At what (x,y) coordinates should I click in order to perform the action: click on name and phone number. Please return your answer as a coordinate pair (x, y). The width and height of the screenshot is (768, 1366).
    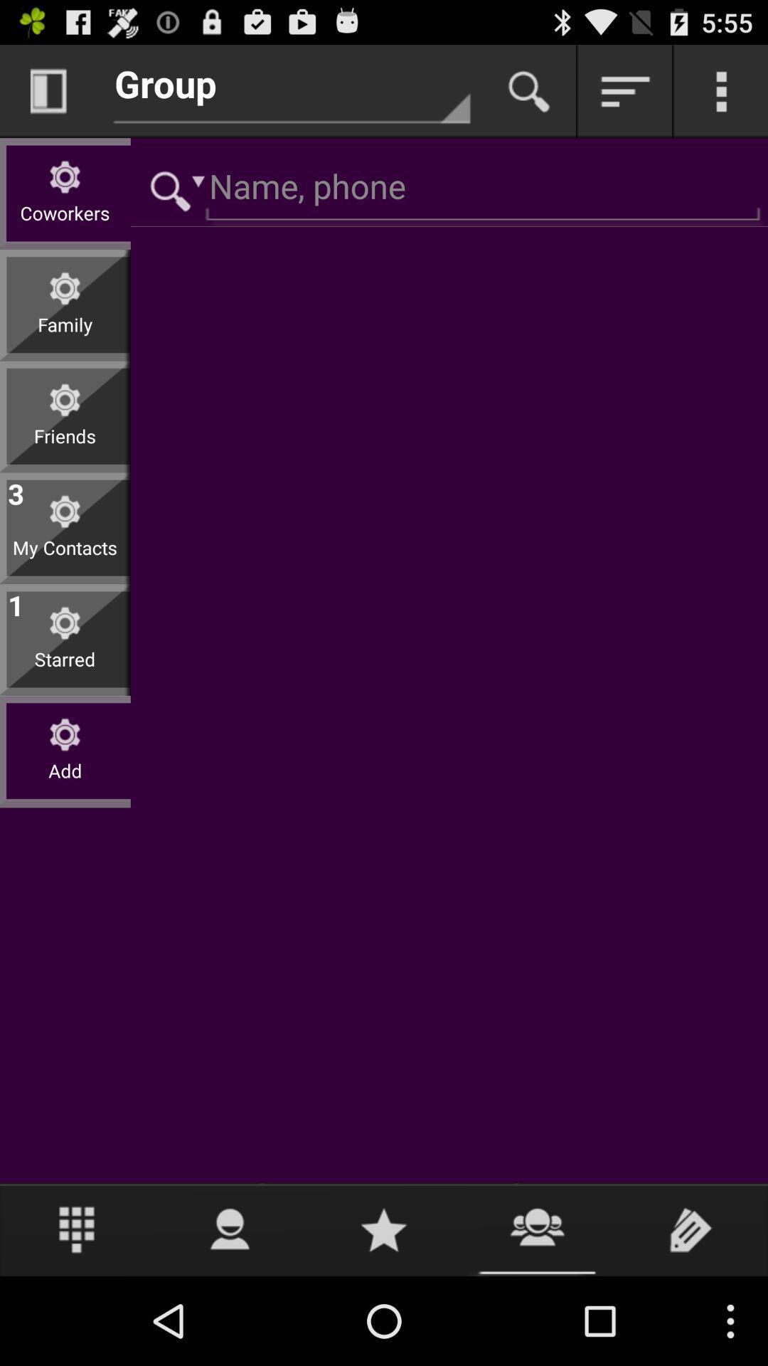
    Looking at the image, I should click on (449, 188).